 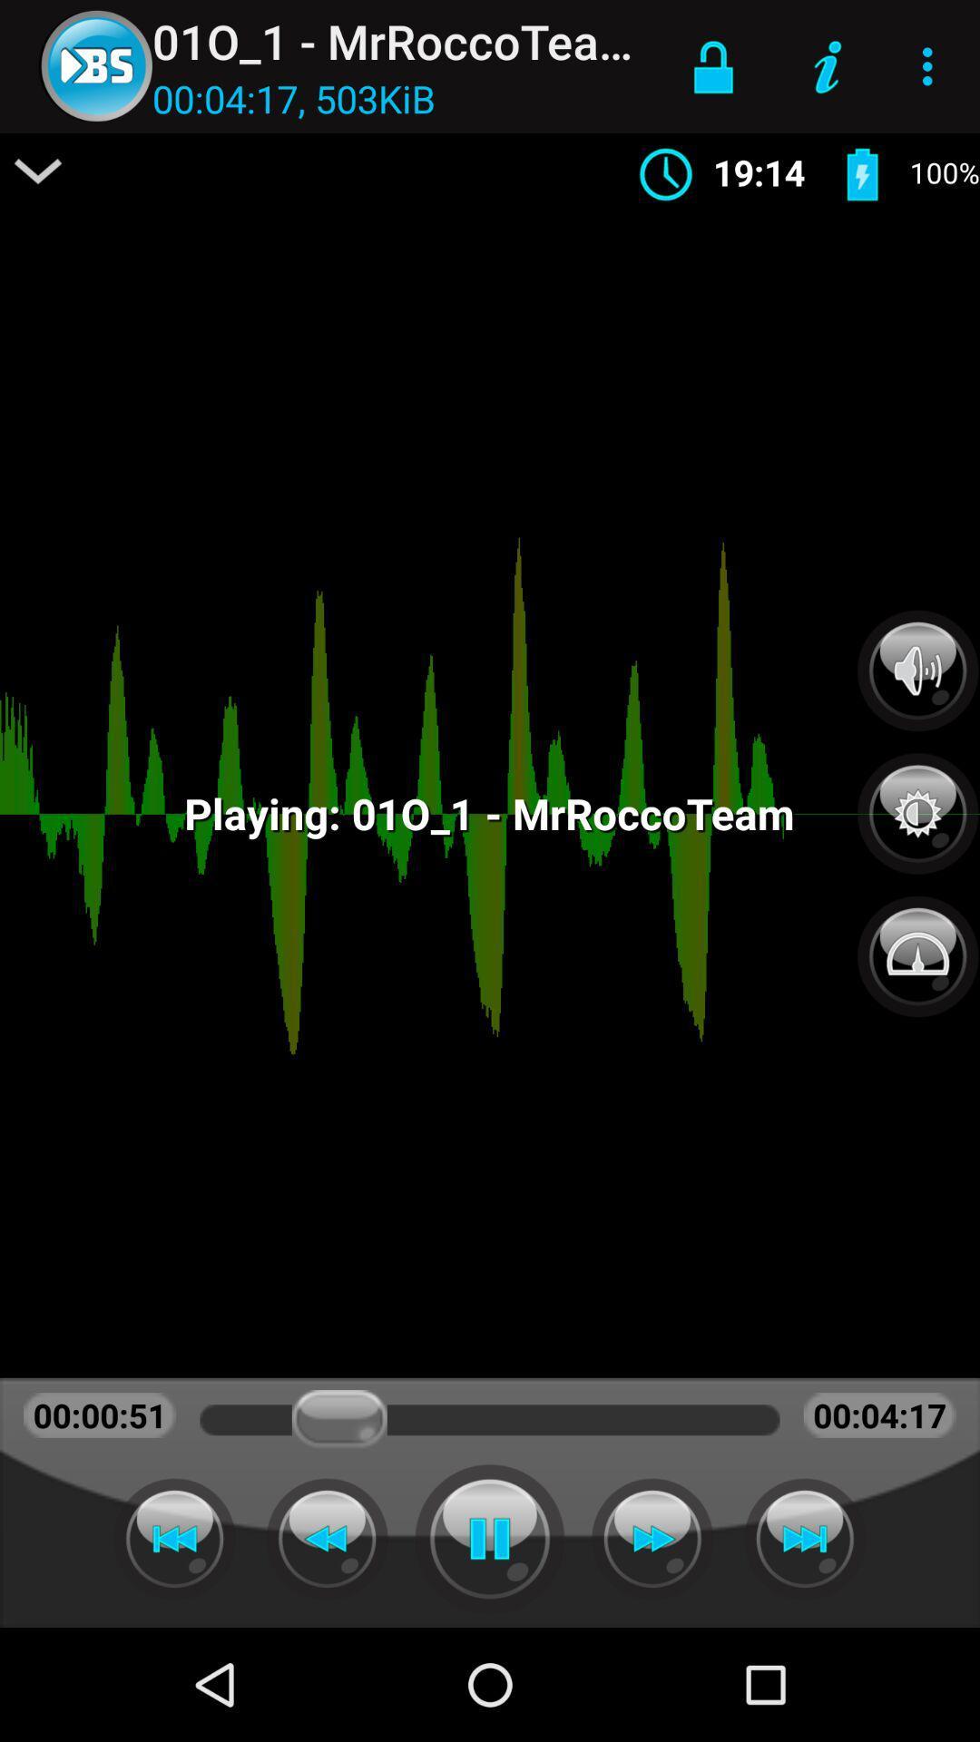 What do you see at coordinates (804, 1538) in the screenshot?
I see `the skip_next icon` at bounding box center [804, 1538].